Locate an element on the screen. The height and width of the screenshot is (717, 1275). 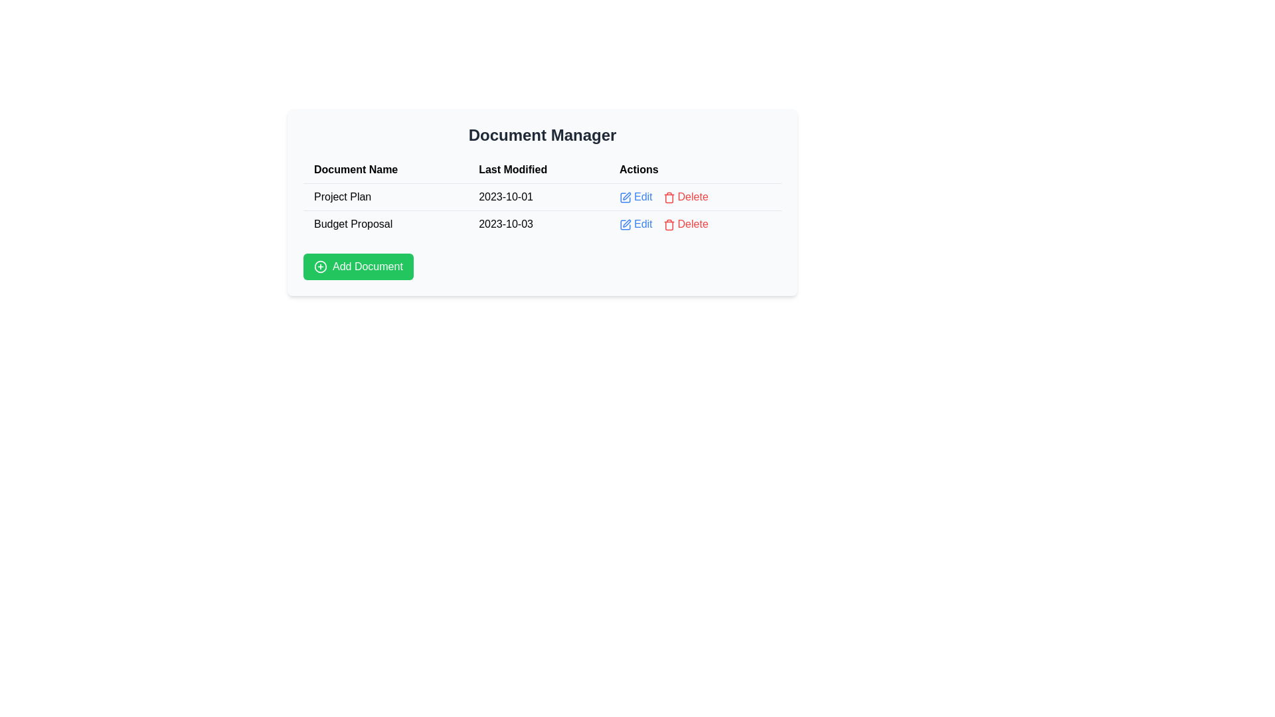
the pen-like icon in the 'Actions' column of the second row of the table, which is a small vector graphic icon with a stroke-based style is located at coordinates (626, 222).